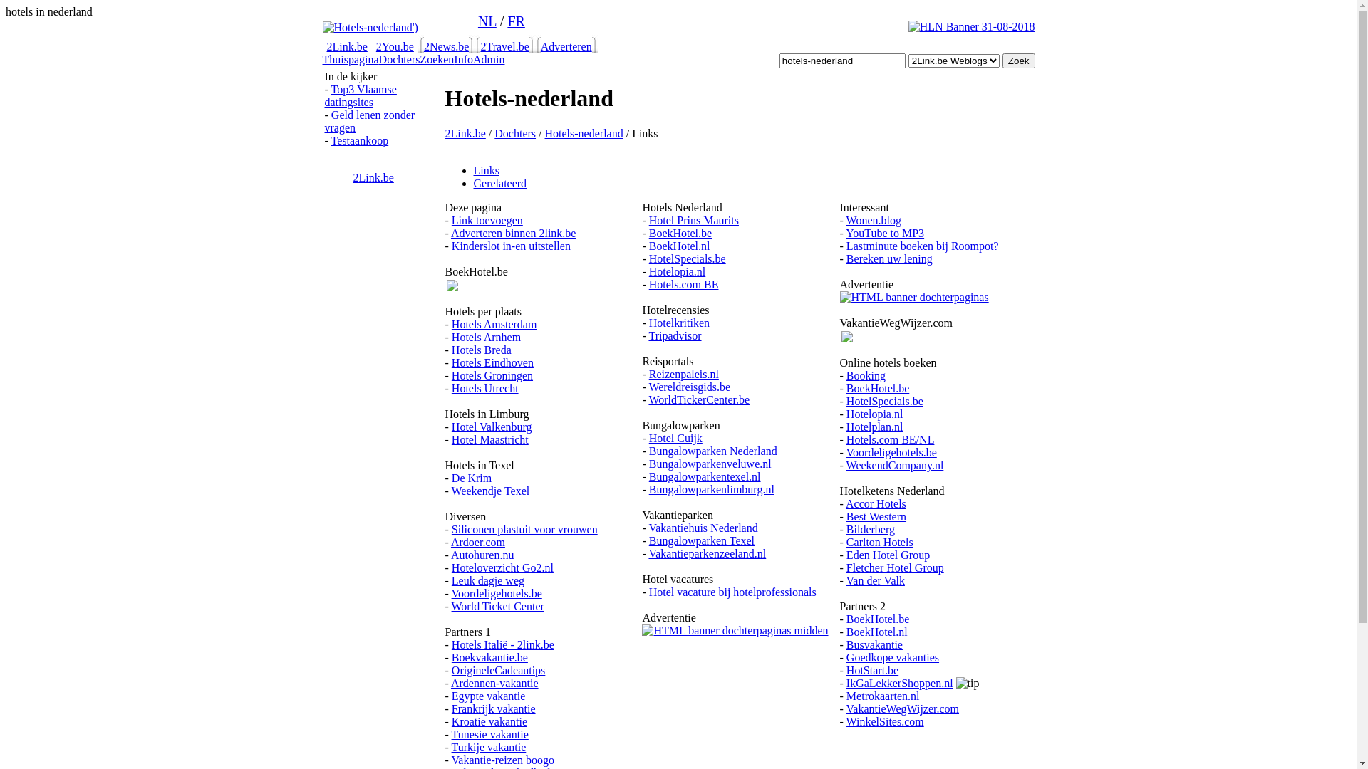  What do you see at coordinates (502, 567) in the screenshot?
I see `'Hoteloverzicht Go2.nl'` at bounding box center [502, 567].